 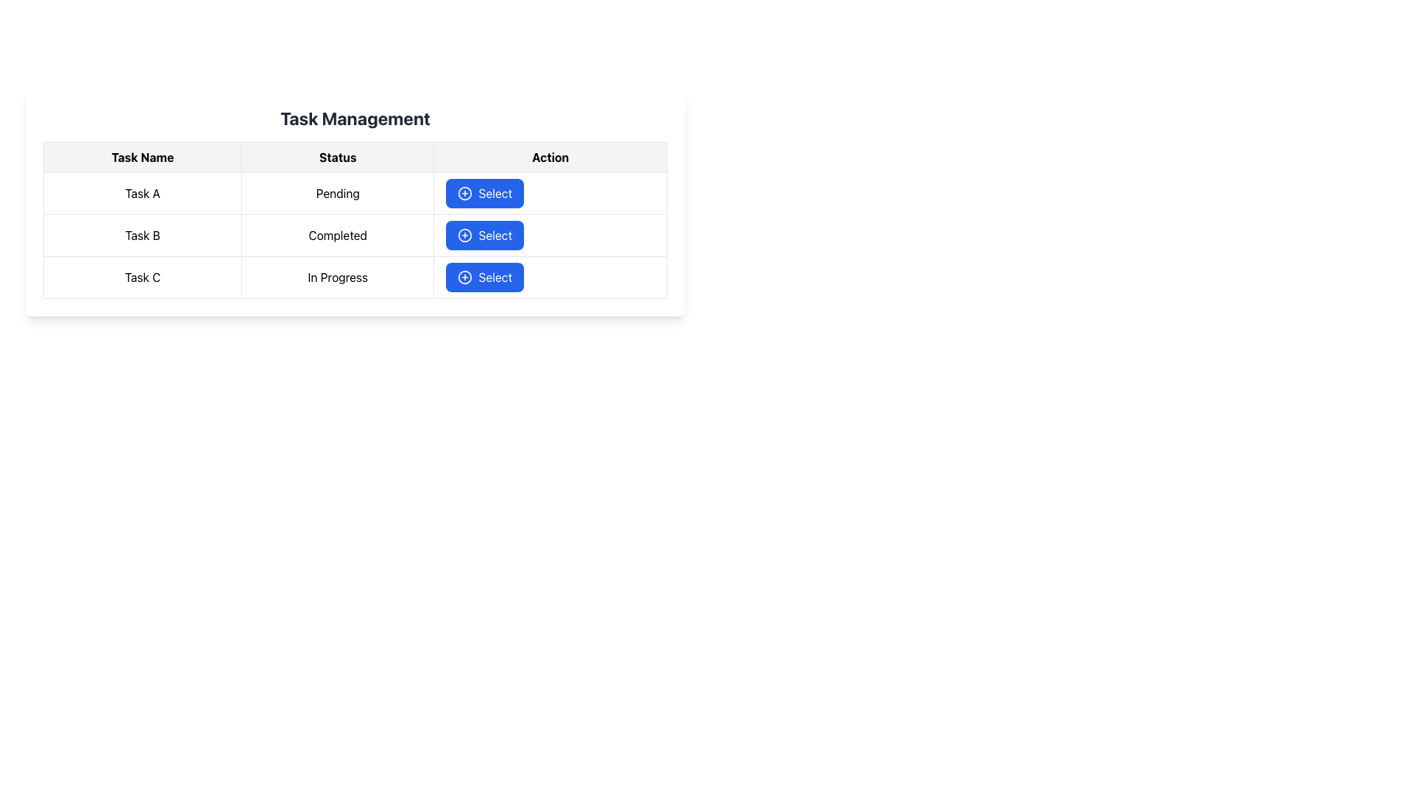 What do you see at coordinates (337, 235) in the screenshot?
I see `the text label displaying 'Completed' in the second row of the task management table under the 'Status' column` at bounding box center [337, 235].